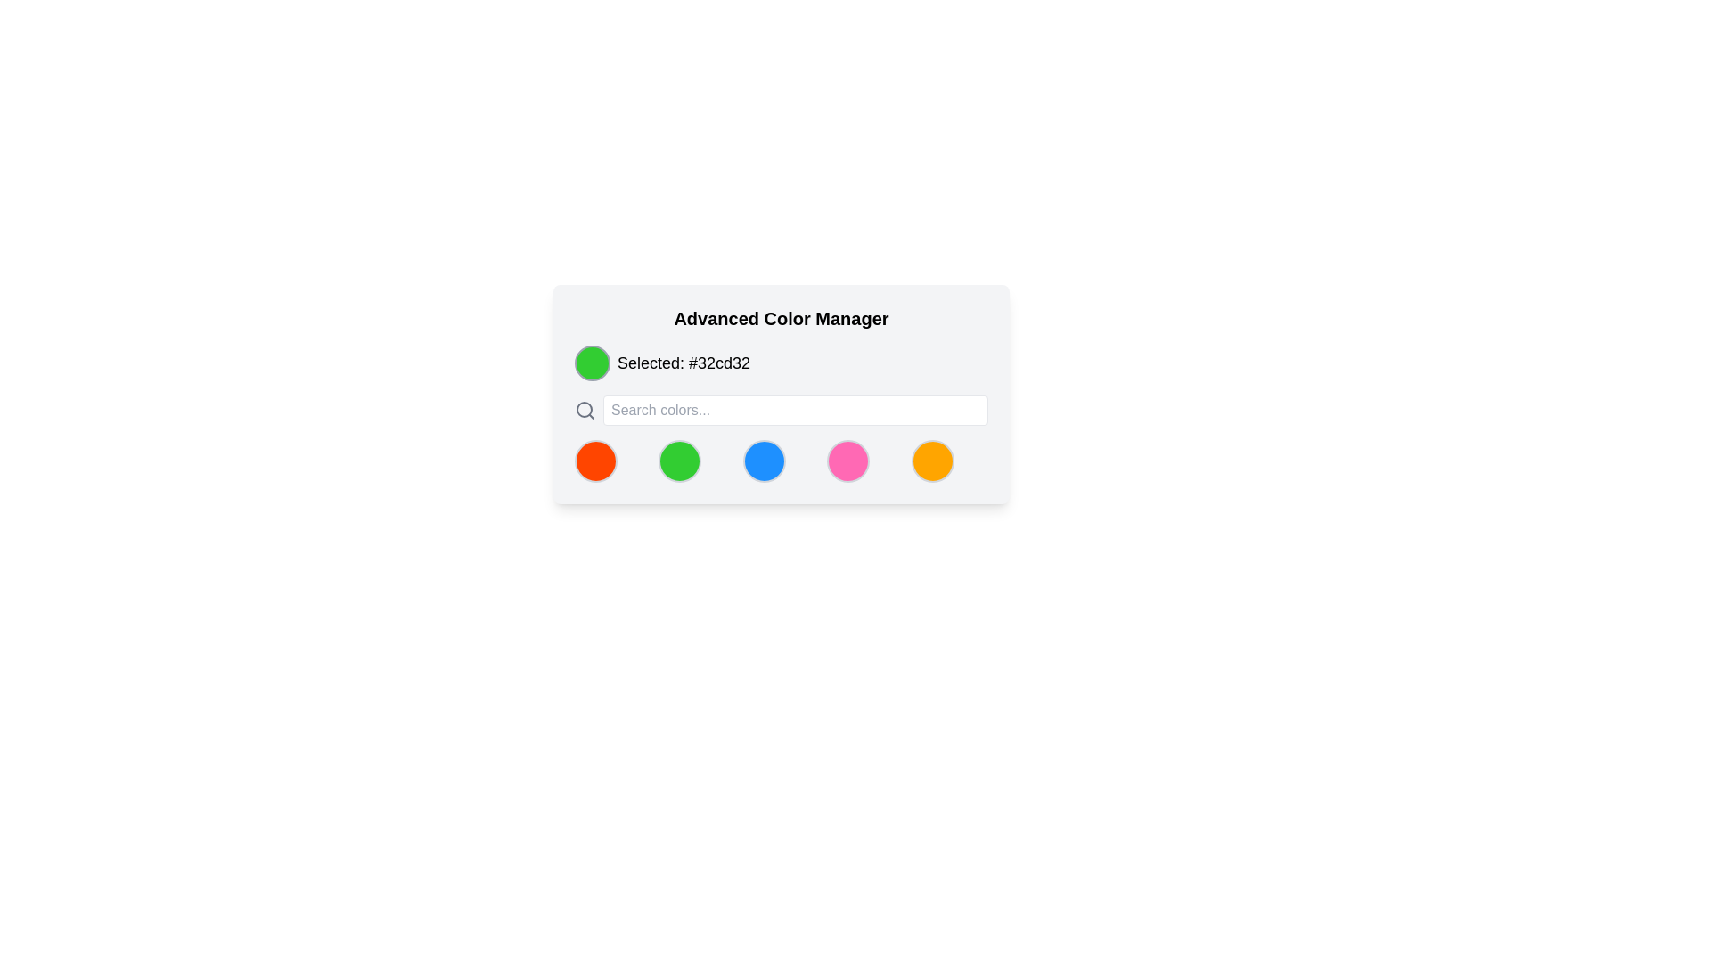 Image resolution: width=1711 pixels, height=962 pixels. Describe the element at coordinates (847, 460) in the screenshot. I see `the fourth circular color selection button for pink color located below the search bar` at that location.